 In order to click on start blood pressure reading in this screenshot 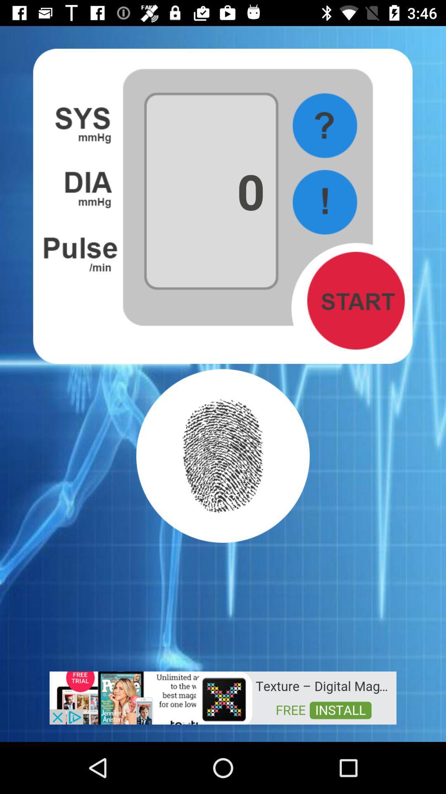, I will do `click(356, 300)`.